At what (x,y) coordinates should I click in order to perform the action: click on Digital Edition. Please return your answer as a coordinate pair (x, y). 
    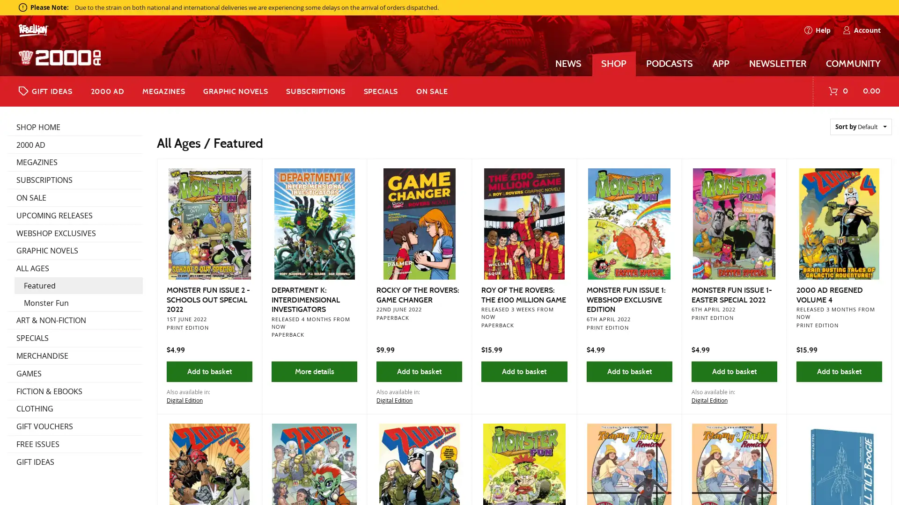
    Looking at the image, I should click on (184, 400).